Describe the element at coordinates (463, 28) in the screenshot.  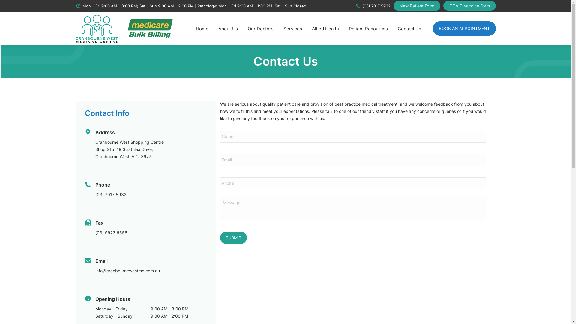
I see `'BOOK AN APPOINTMENT'` at that location.